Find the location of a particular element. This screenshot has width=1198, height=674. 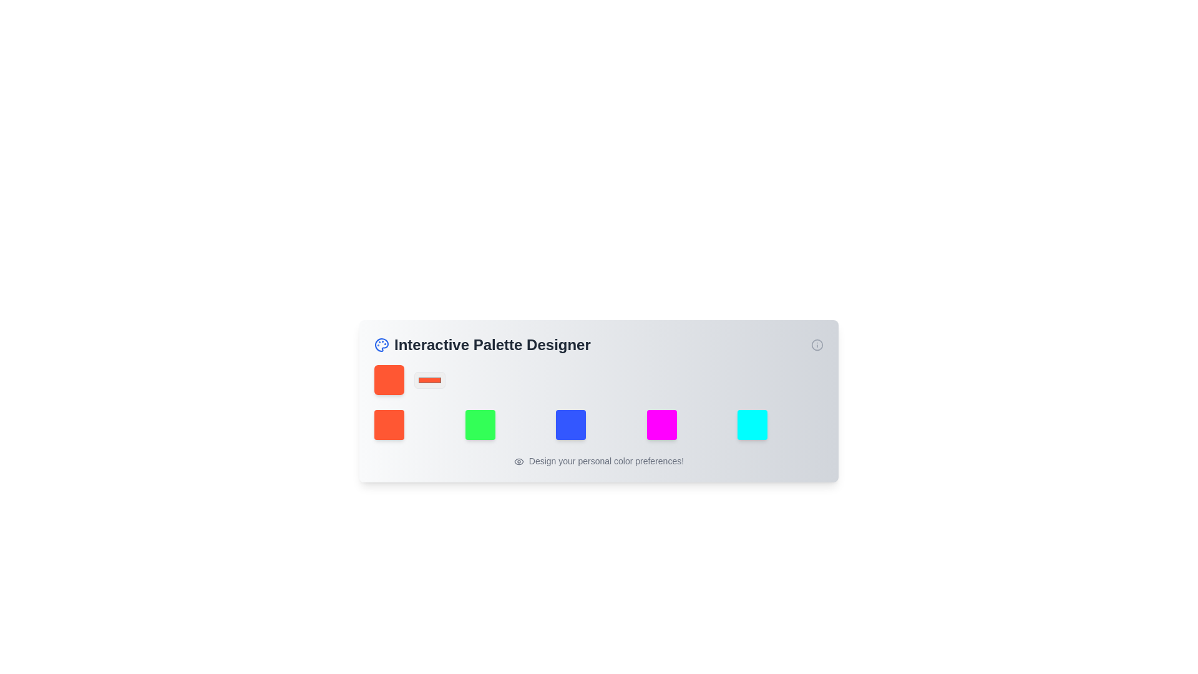

the vibrant orange color swatch located at the top left of the Interactive Palette Designer group is located at coordinates (389, 379).